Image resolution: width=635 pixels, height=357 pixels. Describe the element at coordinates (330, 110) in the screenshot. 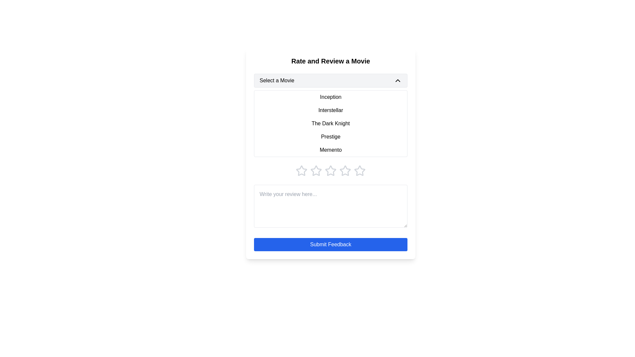

I see `the text label displaying 'Interstellar', which is the second item in a vertical list of movie names` at that location.